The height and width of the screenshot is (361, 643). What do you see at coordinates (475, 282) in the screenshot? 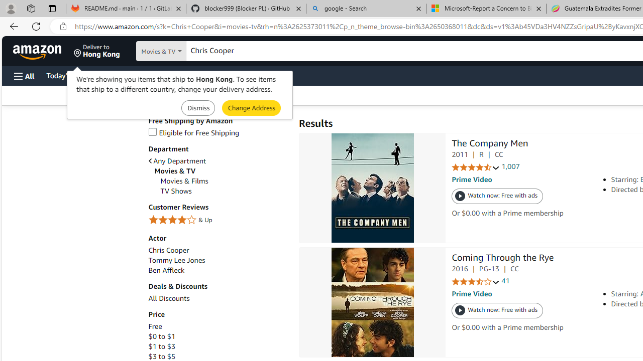
I see `'3.3 out of 5 stars'` at bounding box center [475, 282].